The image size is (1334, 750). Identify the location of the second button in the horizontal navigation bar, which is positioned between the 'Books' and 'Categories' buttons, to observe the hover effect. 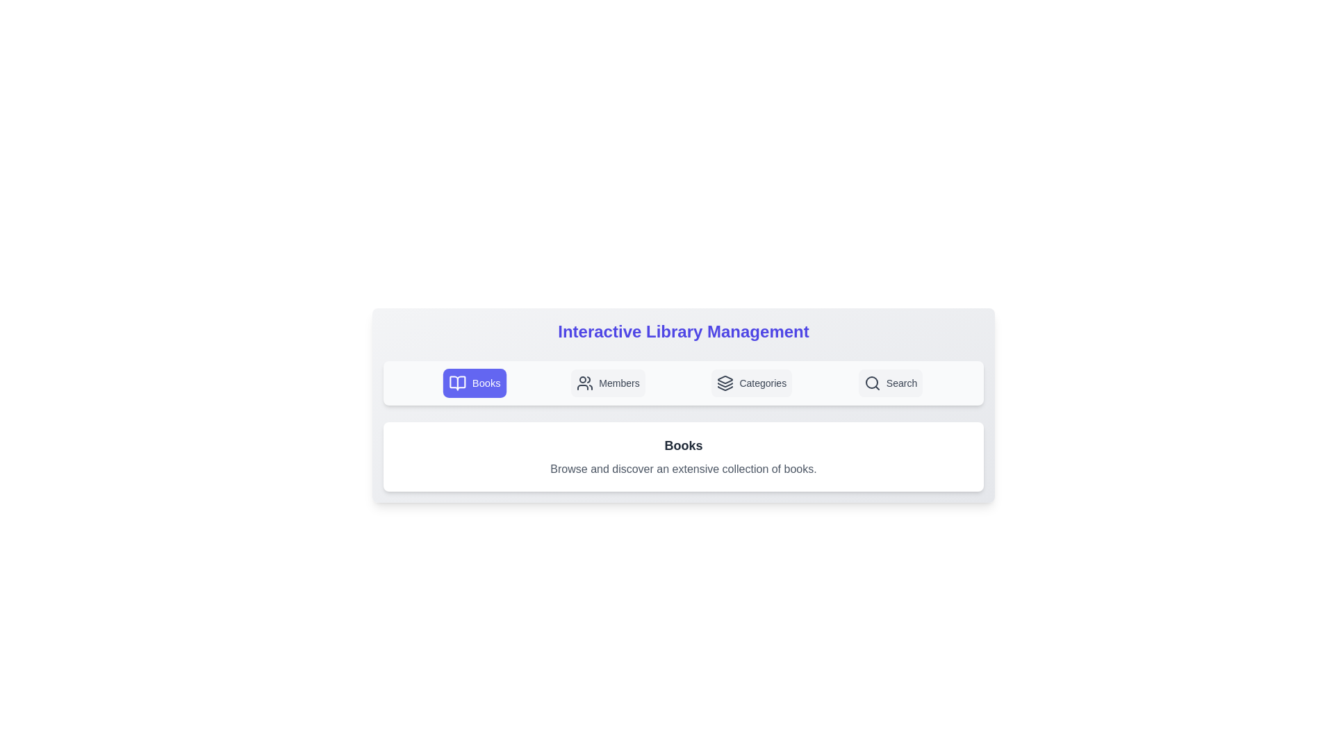
(608, 383).